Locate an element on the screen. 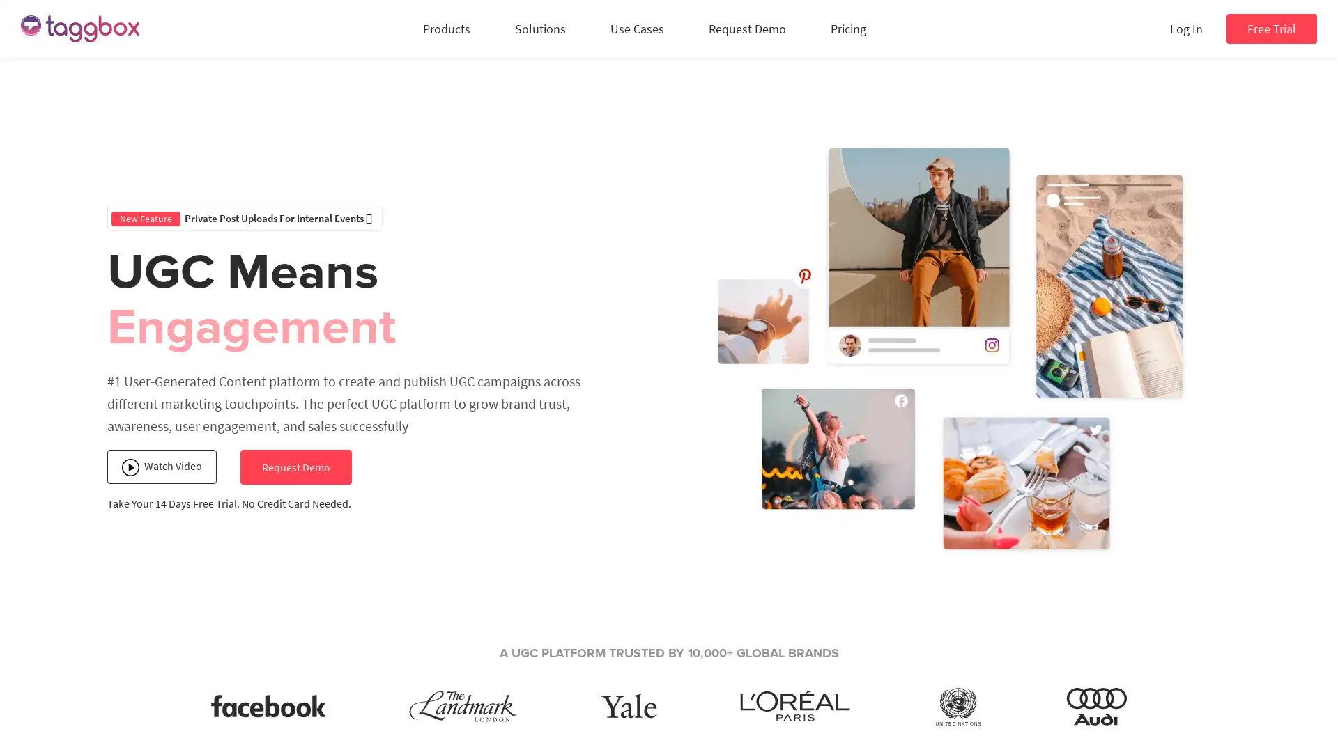  Log In is located at coordinates (1185, 29).